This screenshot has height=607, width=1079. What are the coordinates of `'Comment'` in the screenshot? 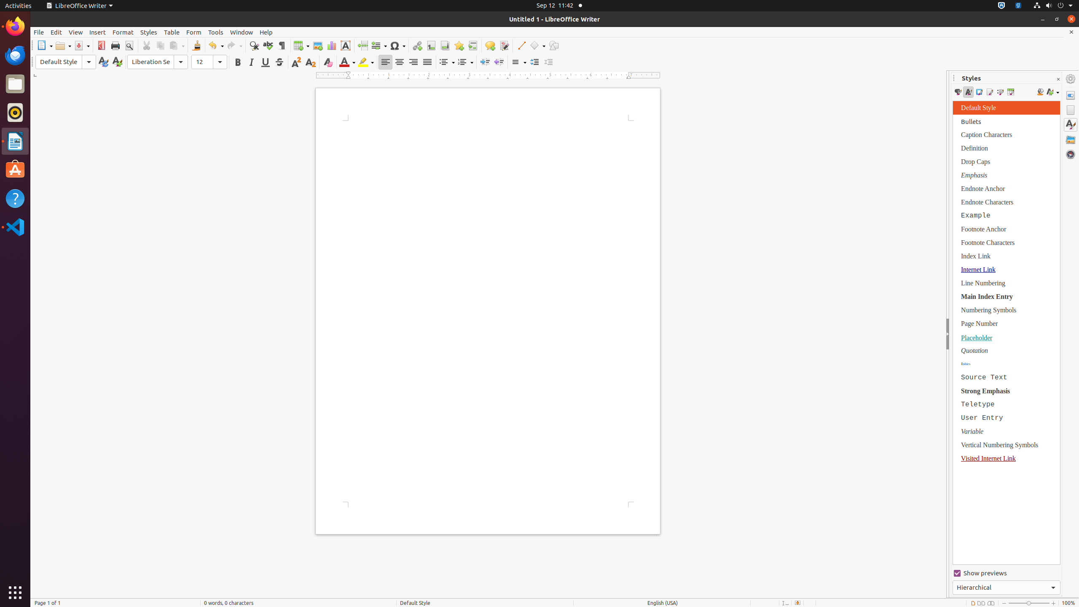 It's located at (489, 45).